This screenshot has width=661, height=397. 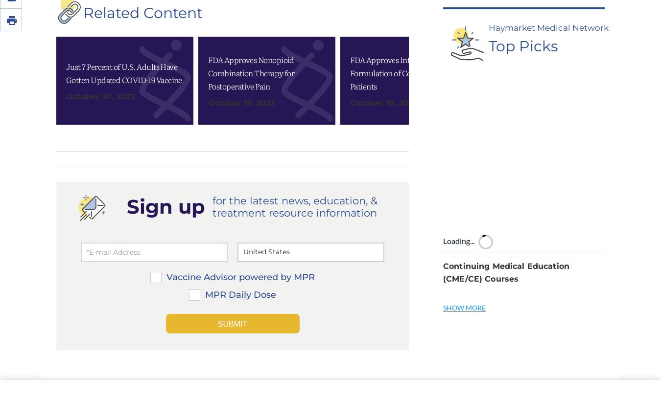 What do you see at coordinates (443, 175) in the screenshot?
I see `'Show More'` at bounding box center [443, 175].